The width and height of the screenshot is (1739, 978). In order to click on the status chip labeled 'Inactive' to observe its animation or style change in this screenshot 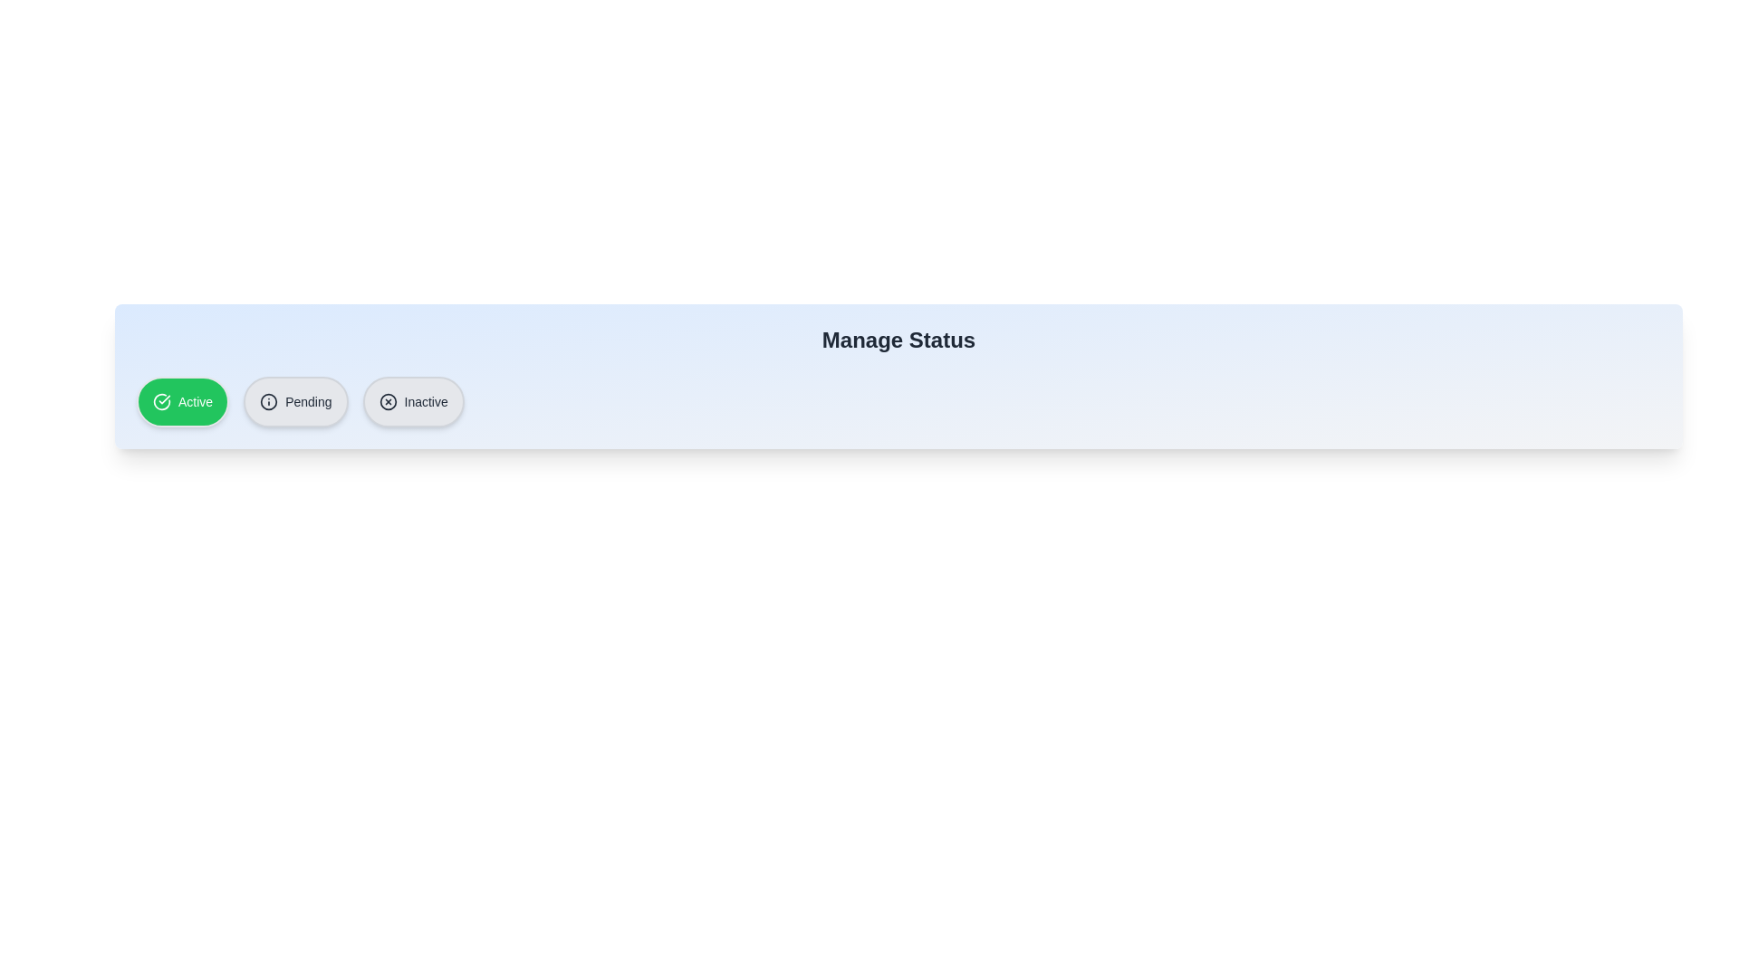, I will do `click(412, 400)`.